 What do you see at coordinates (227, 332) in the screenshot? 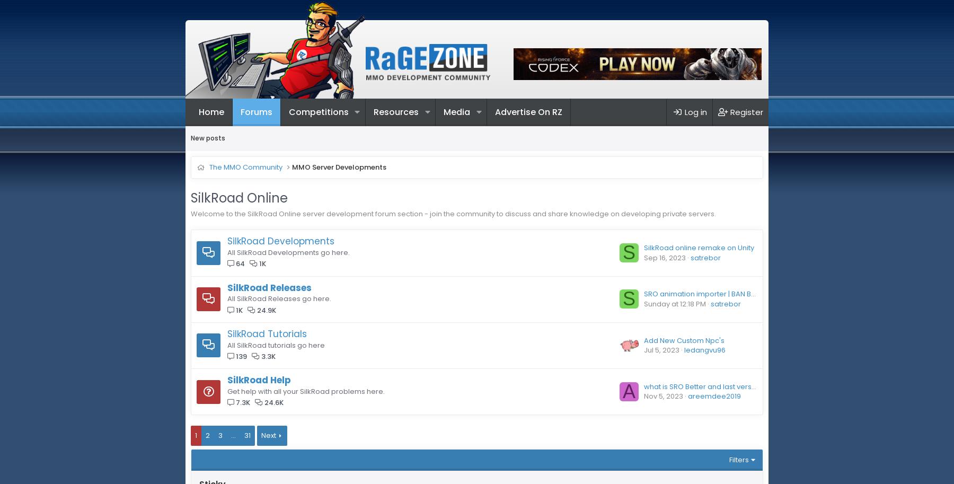
I see `'SilkRoad Tutorials'` at bounding box center [227, 332].